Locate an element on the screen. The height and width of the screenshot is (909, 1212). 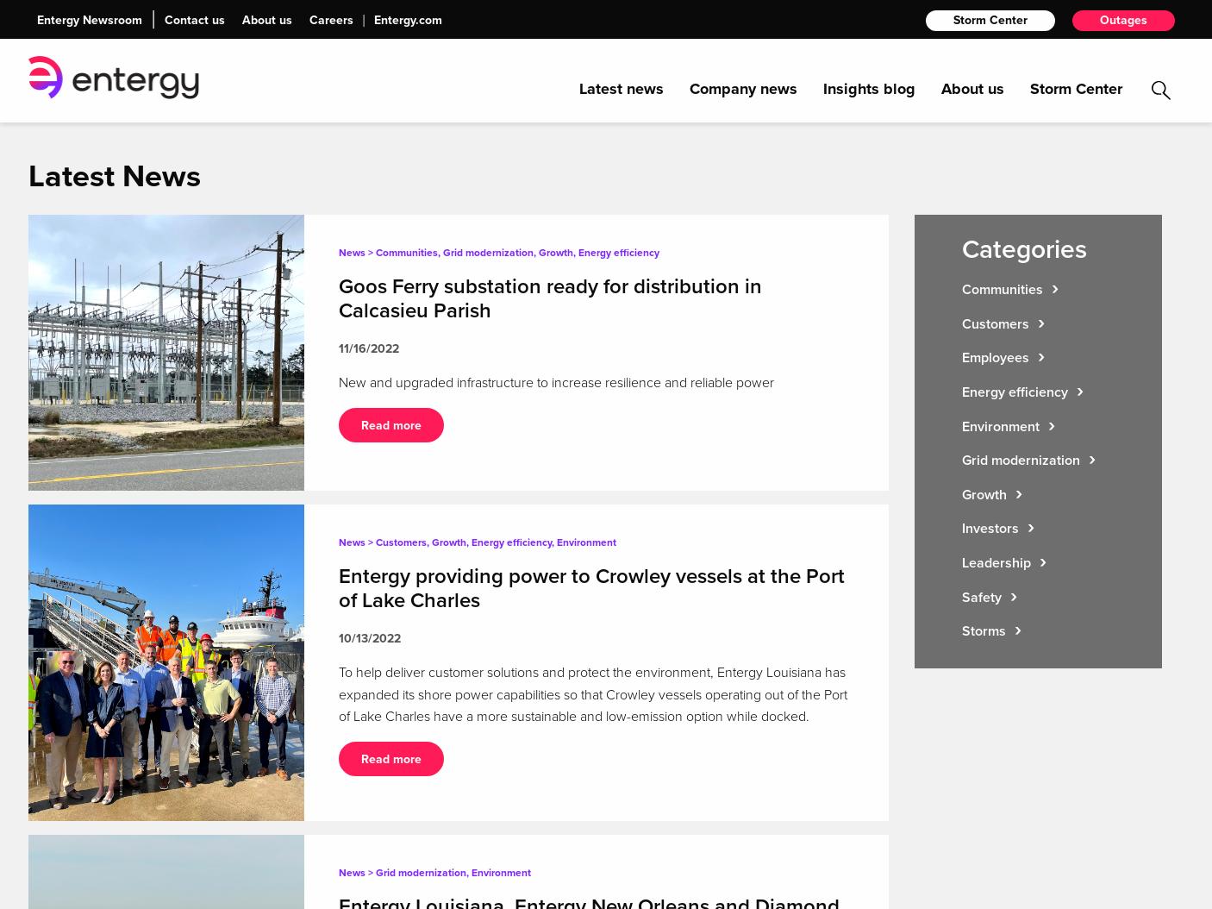
'11/16/2022' is located at coordinates (338, 348).